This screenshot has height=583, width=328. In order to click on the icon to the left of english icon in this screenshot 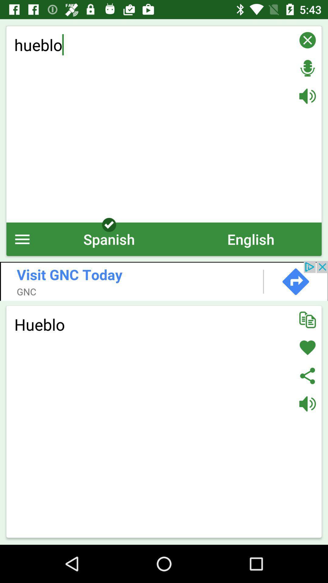, I will do `click(109, 239)`.